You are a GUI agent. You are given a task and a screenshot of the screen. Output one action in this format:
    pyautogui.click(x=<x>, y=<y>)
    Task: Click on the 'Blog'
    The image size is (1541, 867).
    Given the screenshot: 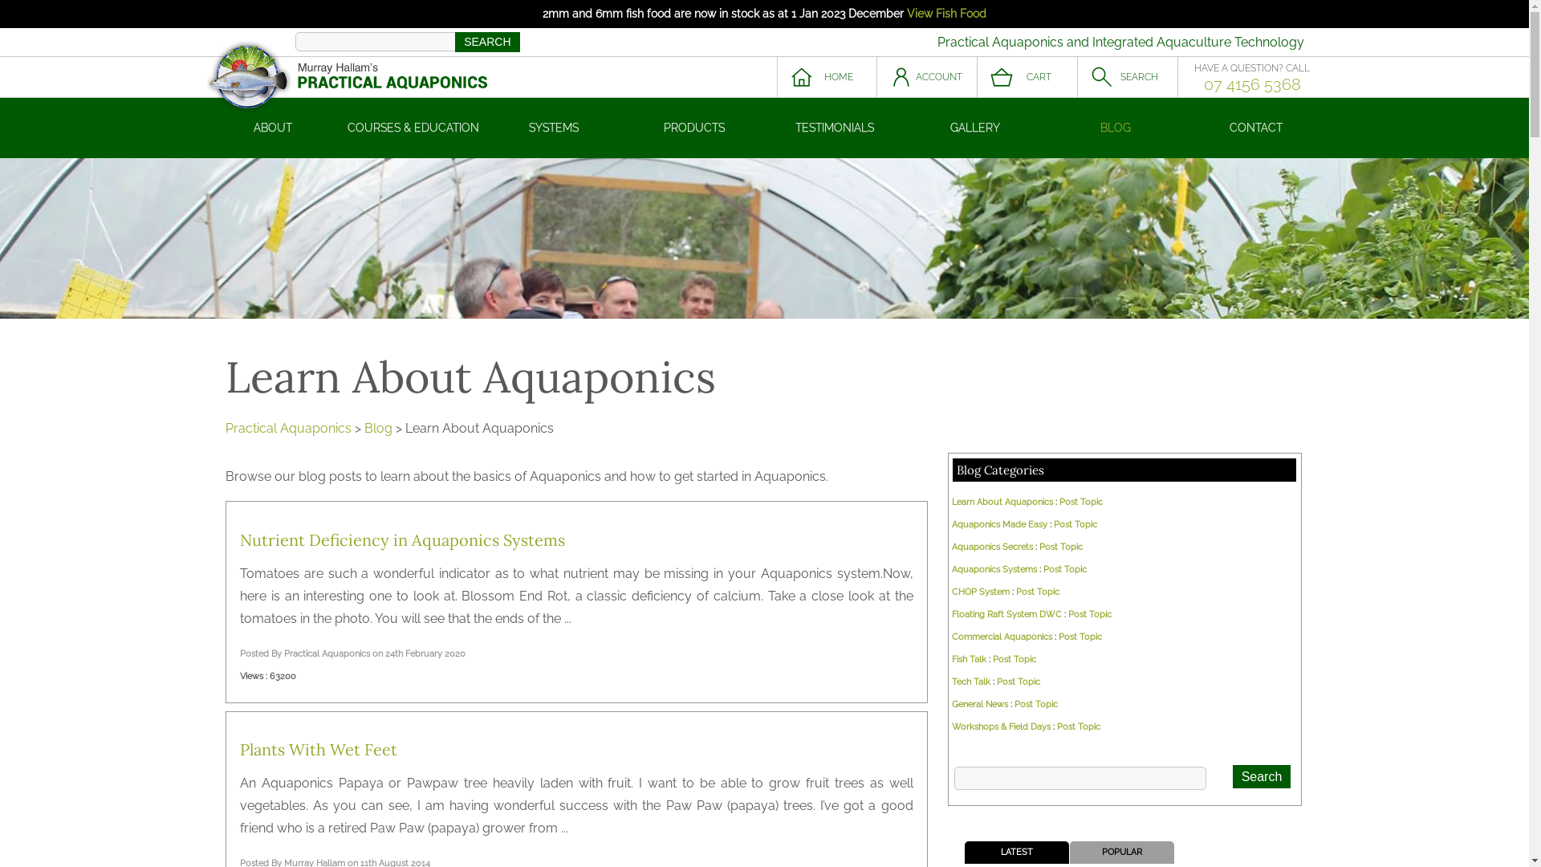 What is the action you would take?
    pyautogui.click(x=377, y=427)
    